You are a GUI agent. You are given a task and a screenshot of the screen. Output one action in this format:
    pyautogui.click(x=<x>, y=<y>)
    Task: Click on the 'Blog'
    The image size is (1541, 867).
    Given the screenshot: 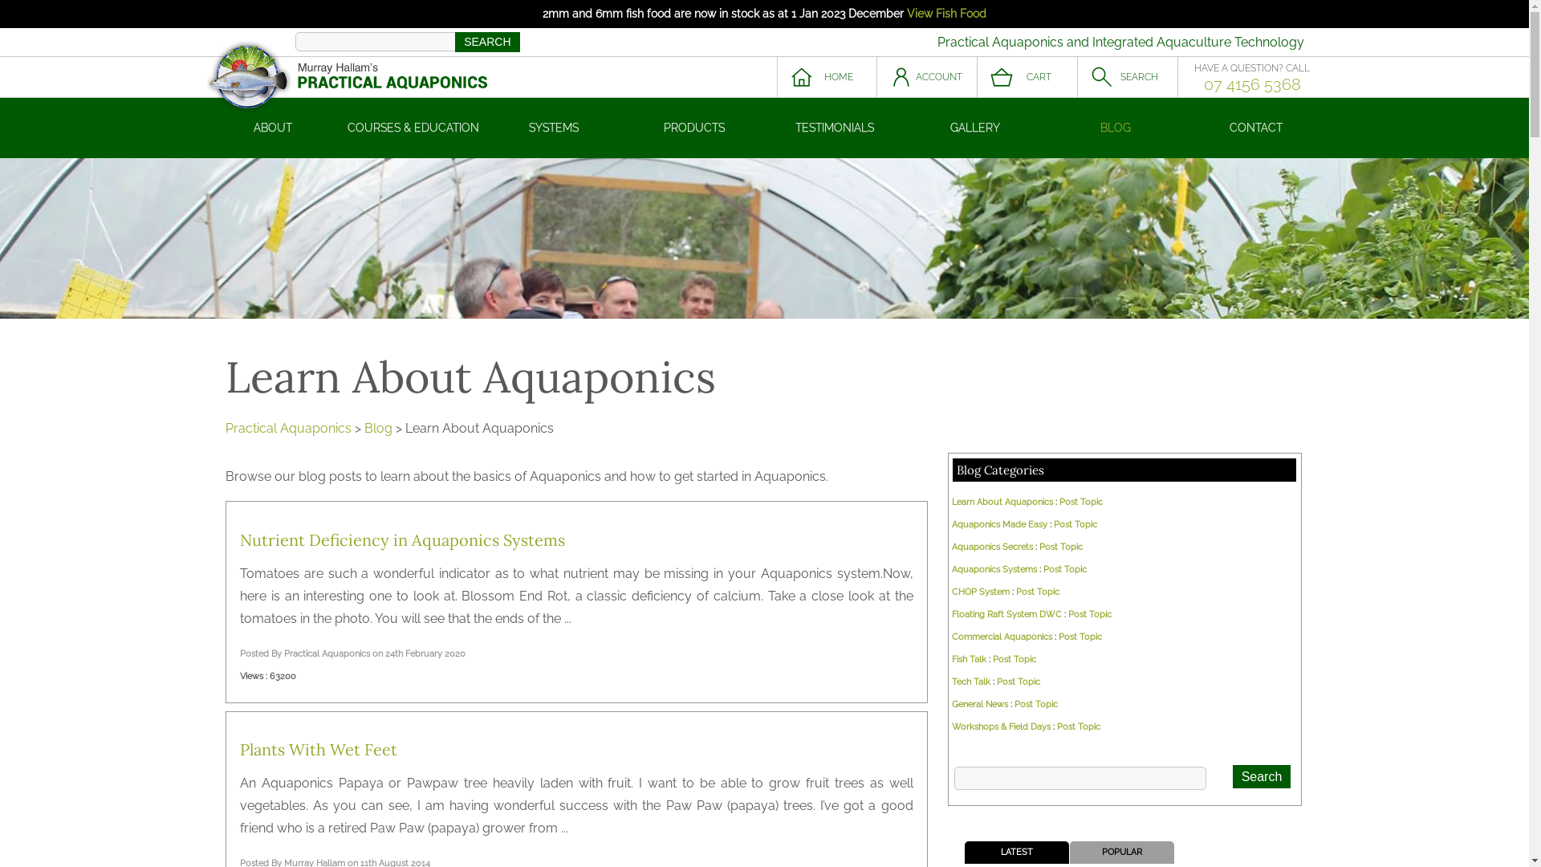 What is the action you would take?
    pyautogui.click(x=377, y=427)
    